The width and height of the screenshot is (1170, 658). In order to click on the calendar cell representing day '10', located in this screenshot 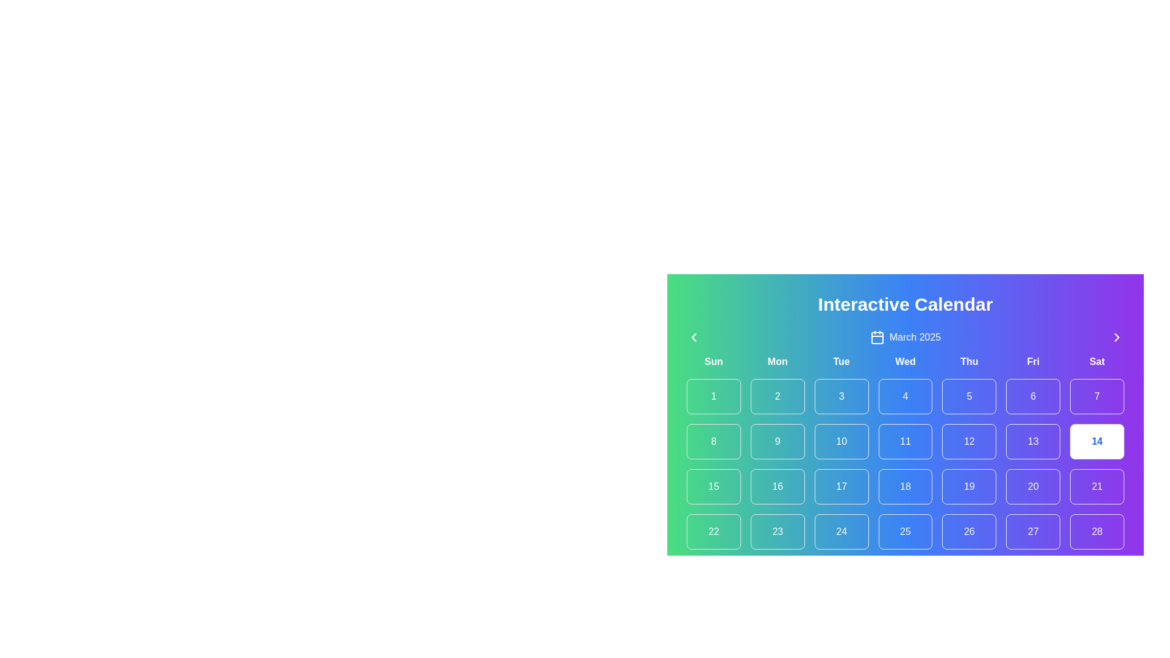, I will do `click(841, 442)`.